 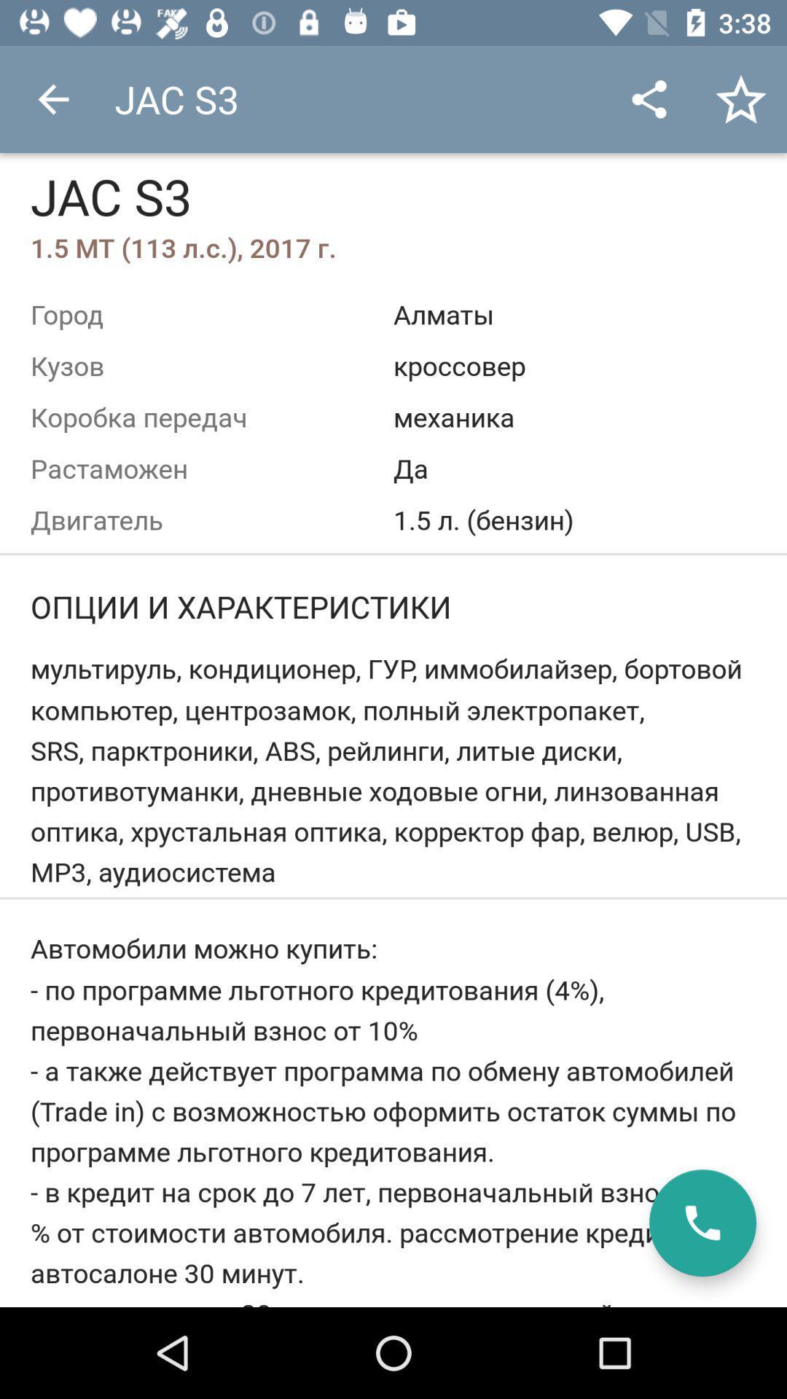 What do you see at coordinates (52, 98) in the screenshot?
I see `item to the left of jac s3` at bounding box center [52, 98].